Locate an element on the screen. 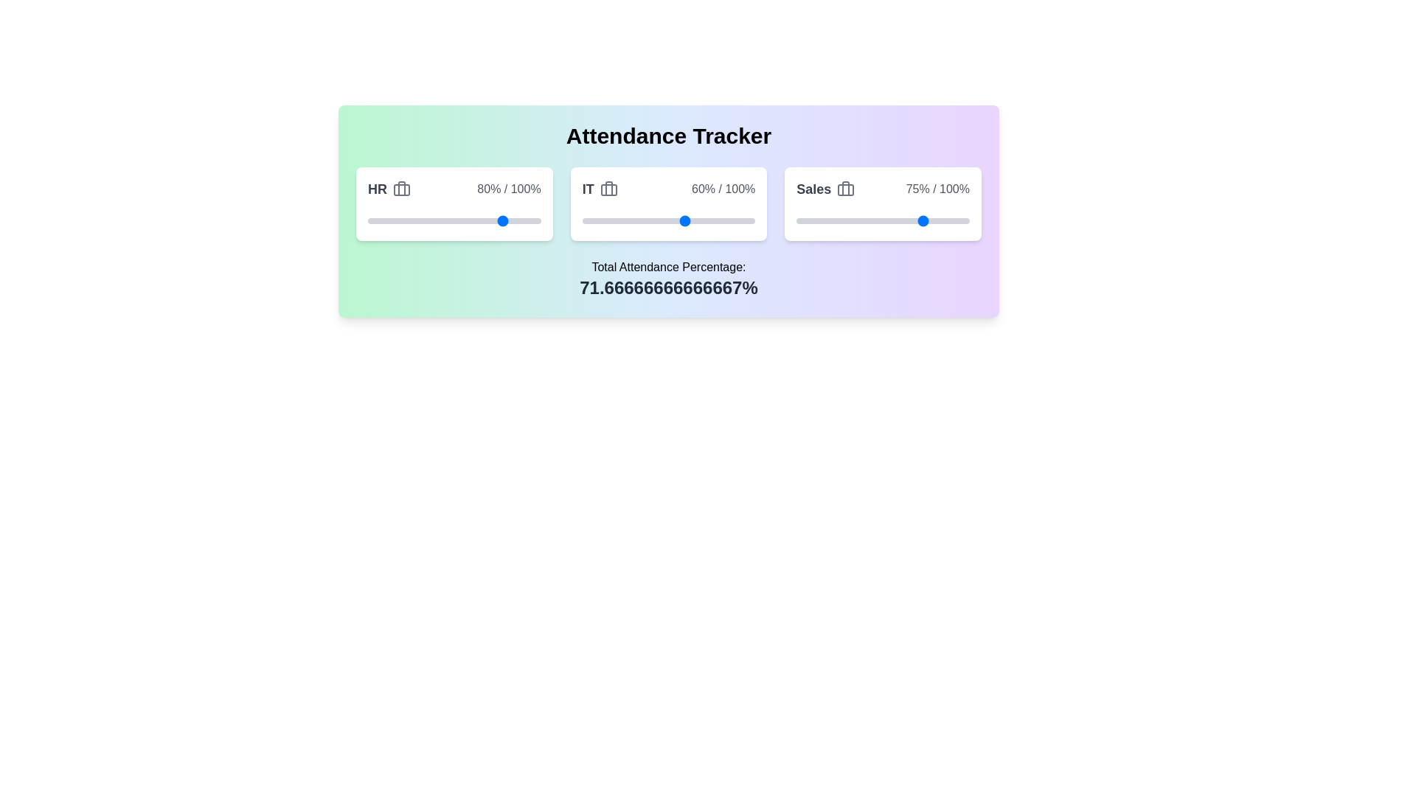  the IT attendance slider is located at coordinates (613, 221).